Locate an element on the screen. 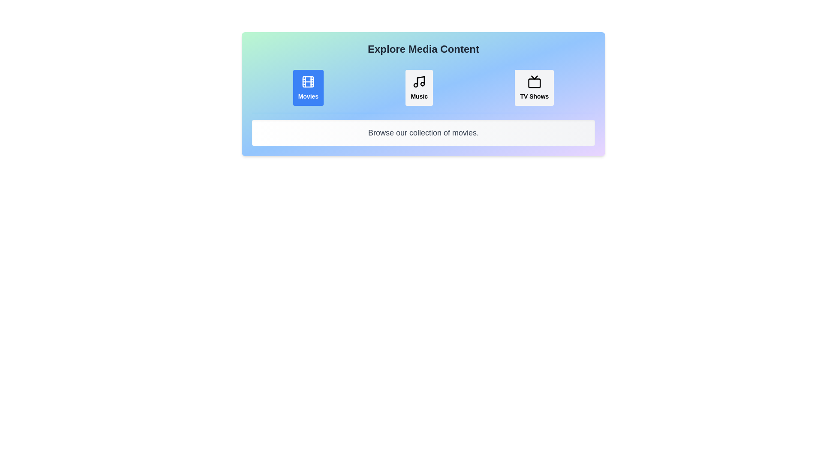  the decorative graphic (SVG rectangle) that is centrally aligned within the film strip icon located under the 'Movies' label is located at coordinates (308, 82).